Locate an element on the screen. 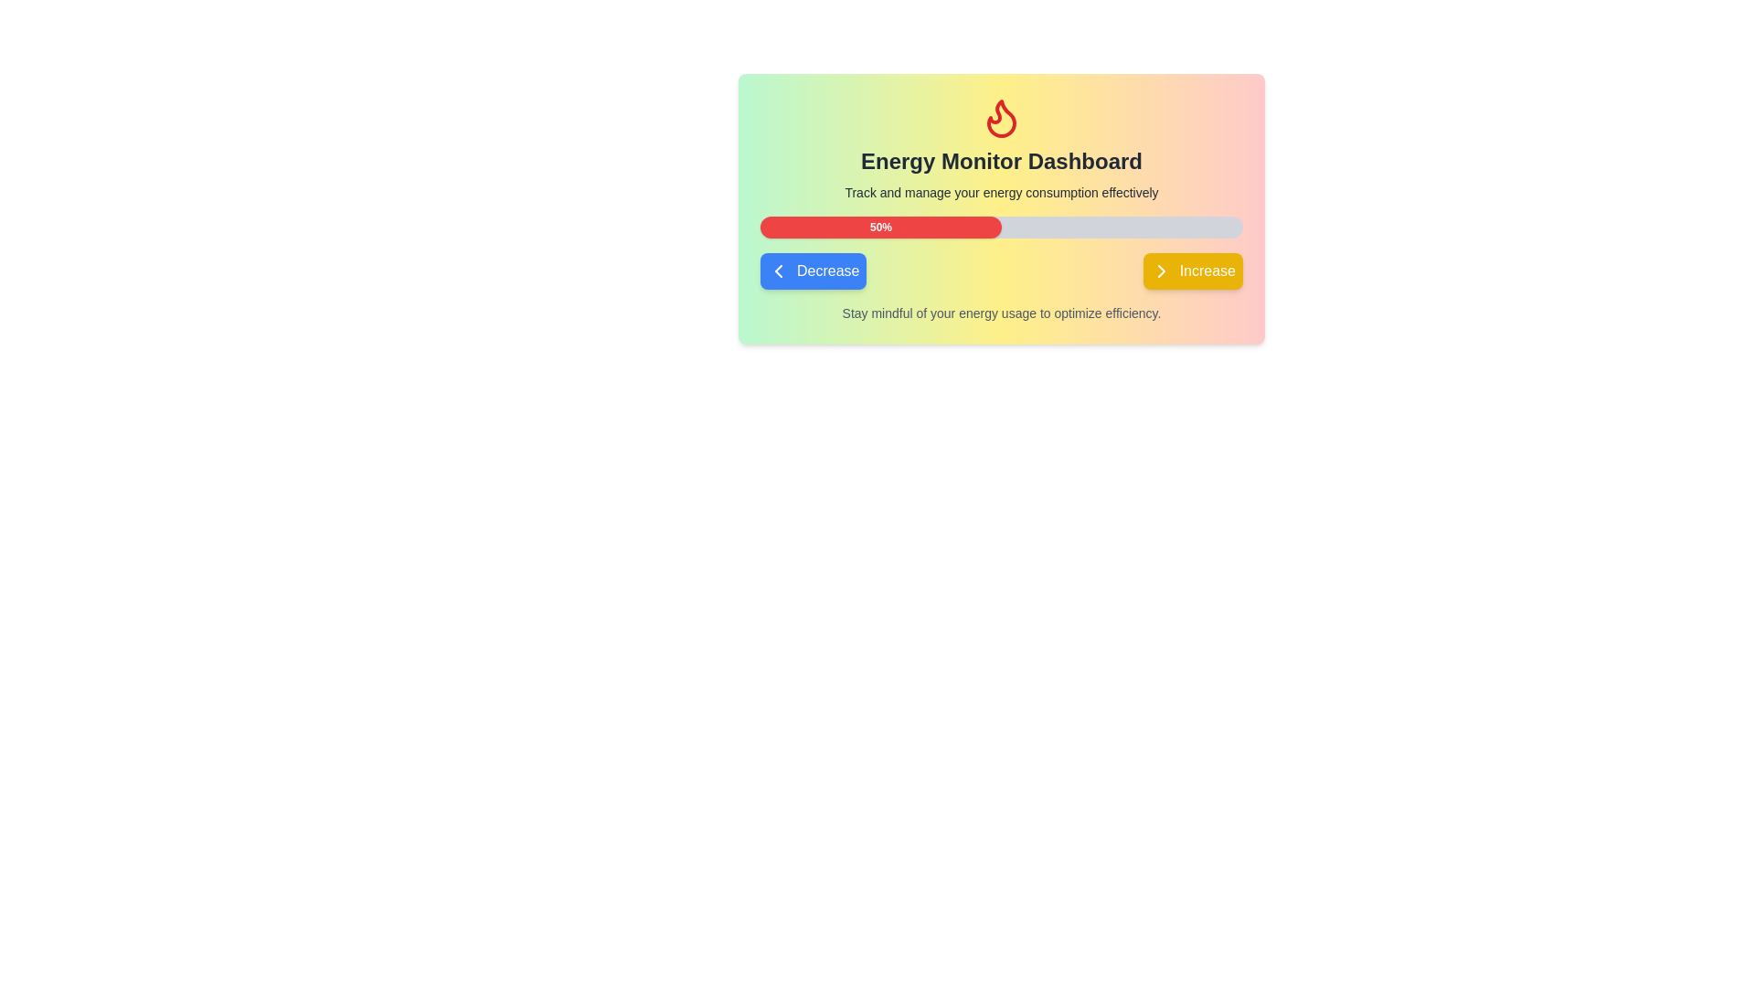 The image size is (1755, 987). the blue rectangular button labeled 'Decrease' with a left-pointing arrow icon is located at coordinates (813, 271).